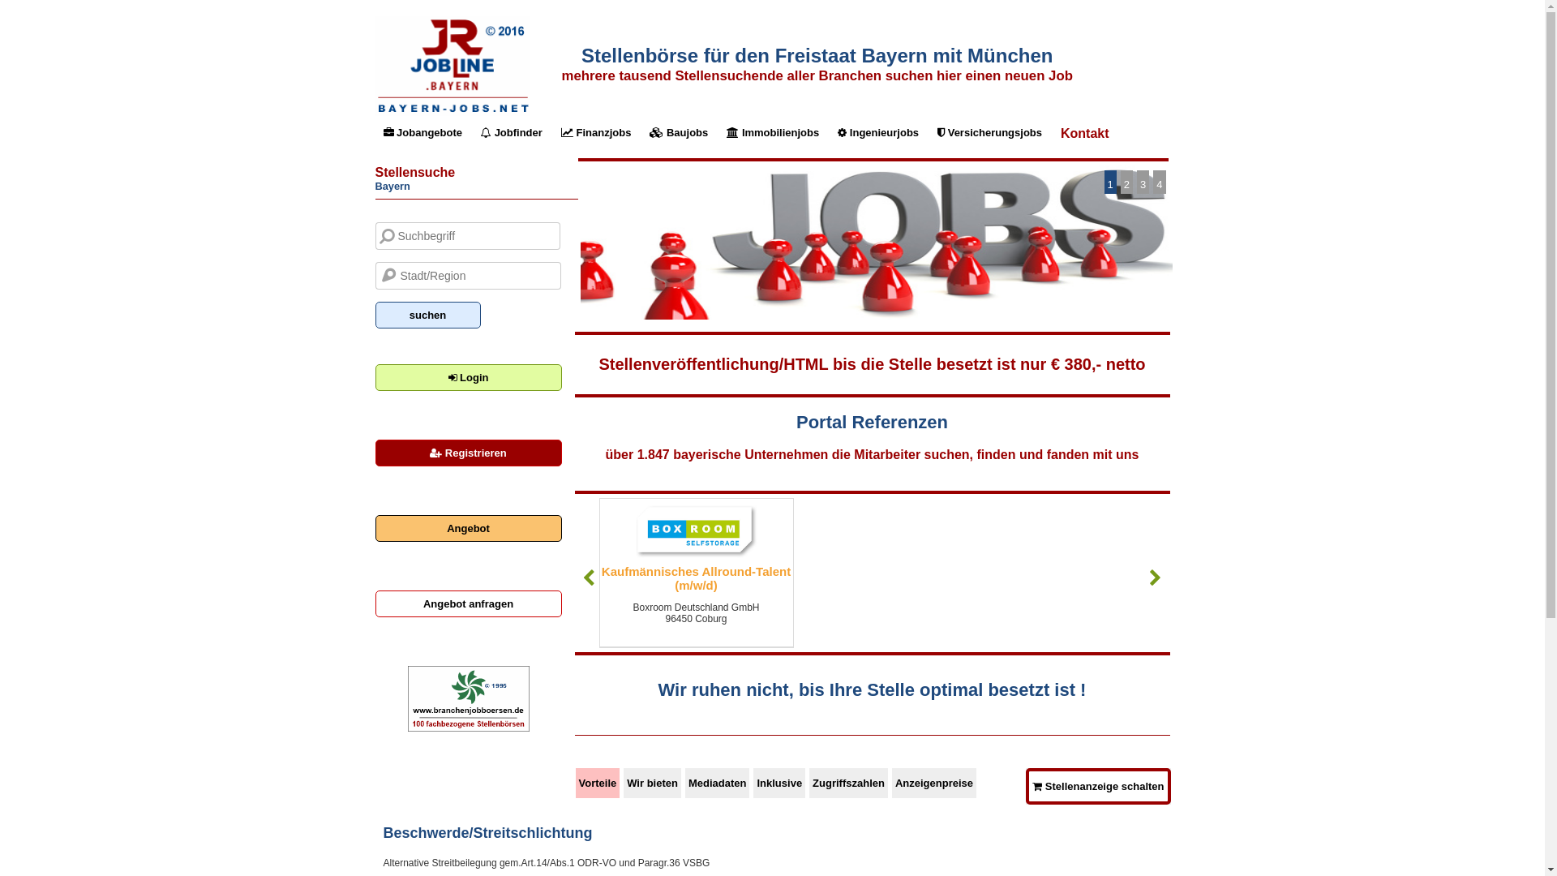 This screenshot has height=876, width=1557. I want to click on 'Login', so click(466, 377).